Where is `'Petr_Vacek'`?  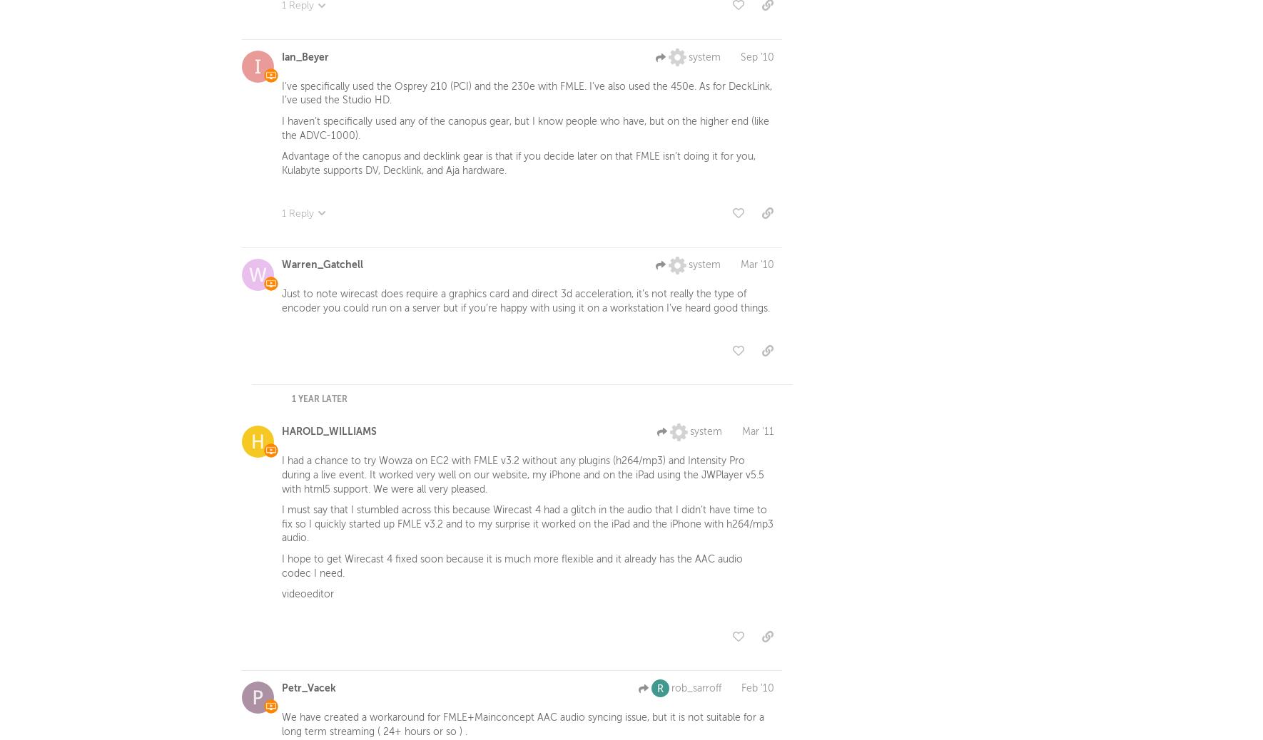
'Petr_Vacek' is located at coordinates (281, 690).